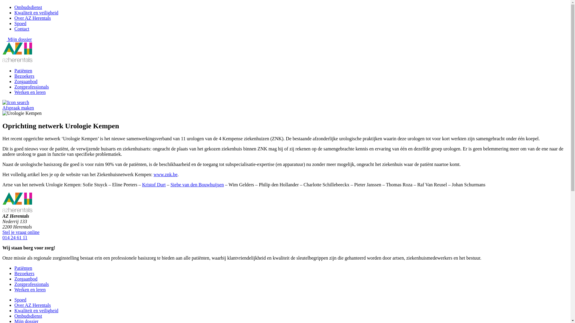 The width and height of the screenshot is (575, 323). I want to click on 'Afspraak maken', so click(18, 108).